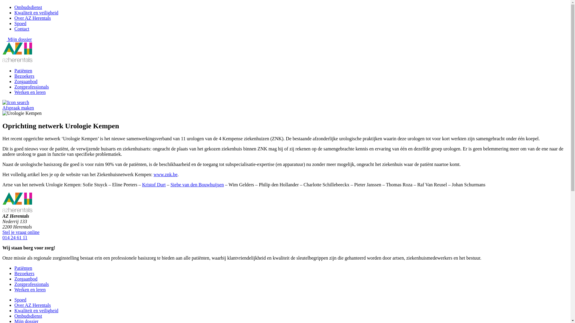 The width and height of the screenshot is (575, 323). I want to click on 'Afspraak maken', so click(18, 108).